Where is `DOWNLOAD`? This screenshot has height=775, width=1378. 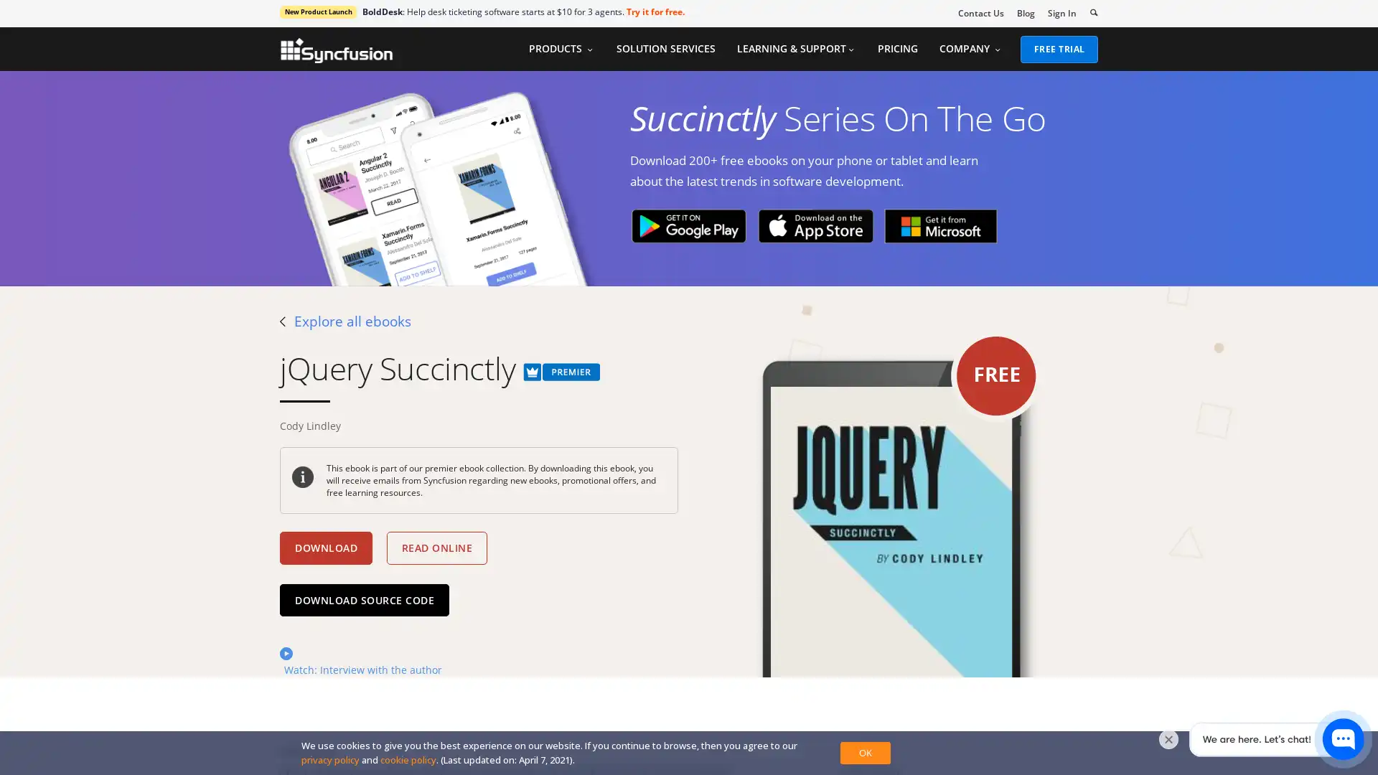 DOWNLOAD is located at coordinates (325, 548).